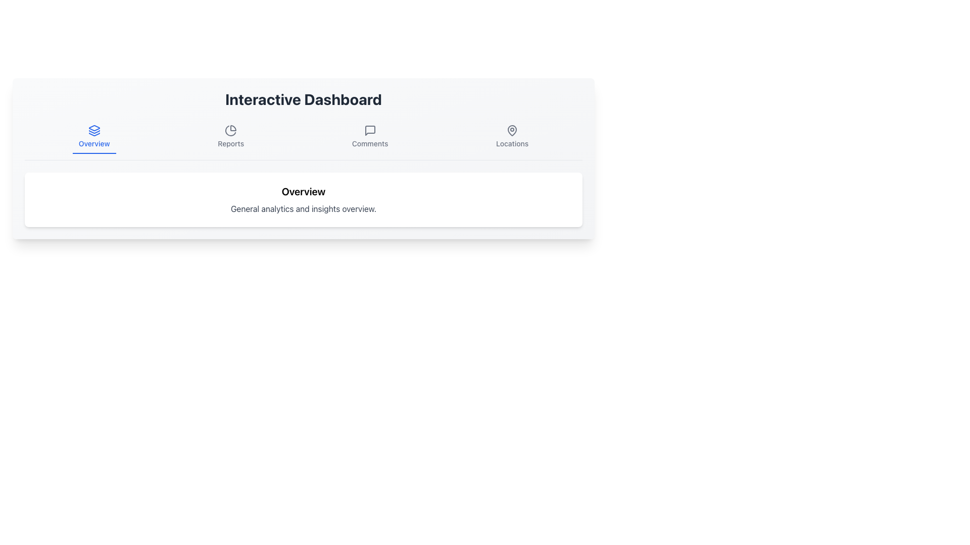 The image size is (970, 545). What do you see at coordinates (303, 192) in the screenshot?
I see `the text label element that introduces the section content, labeled 'Overview'` at bounding box center [303, 192].